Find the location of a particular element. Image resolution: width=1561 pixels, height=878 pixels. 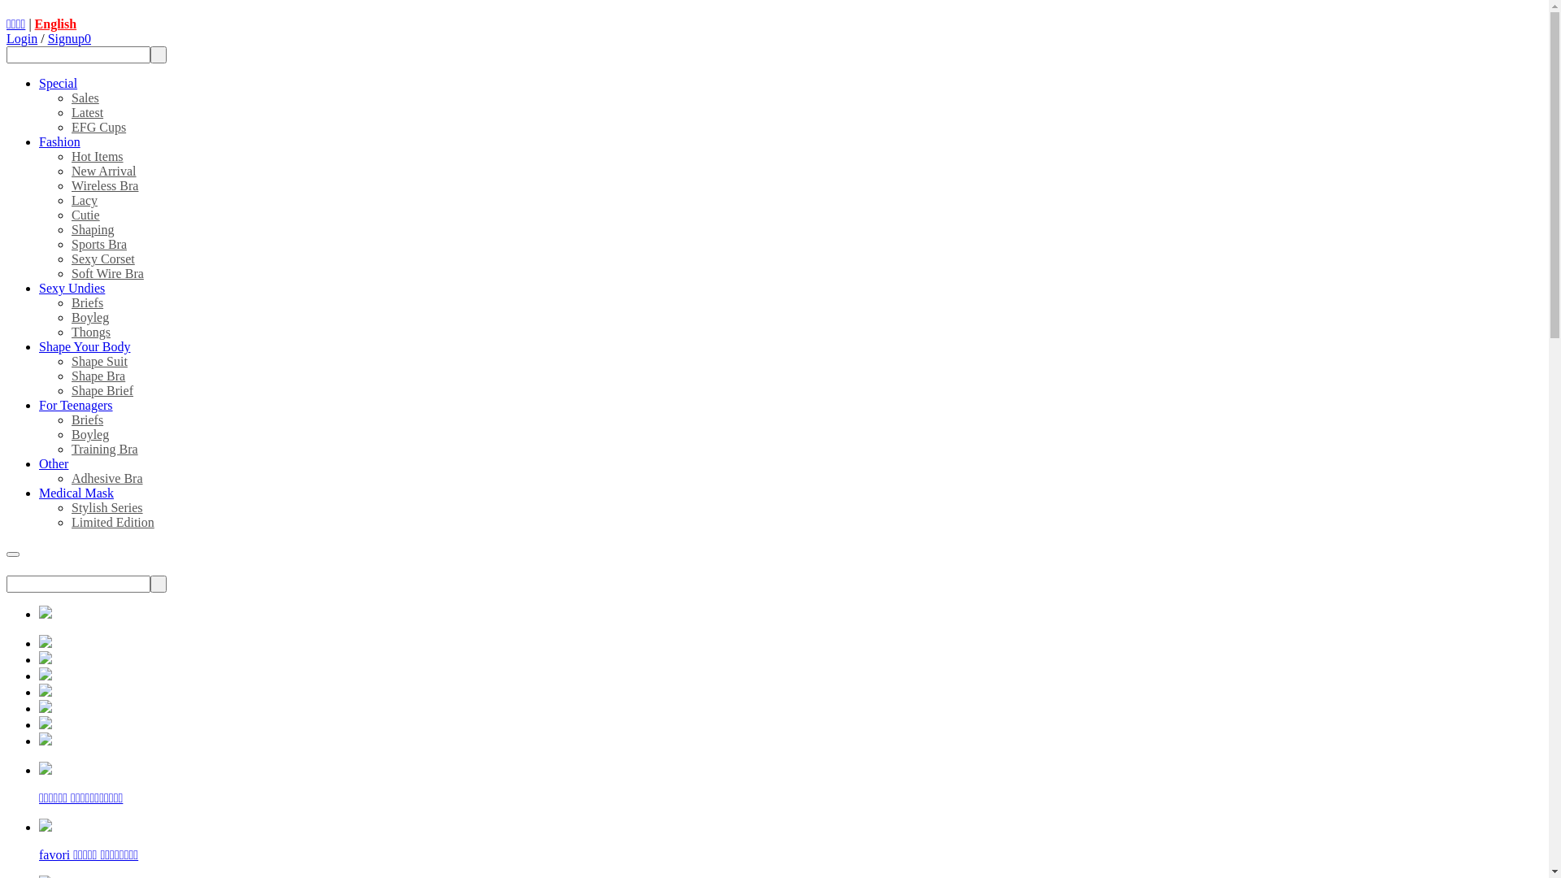

'Stylish Series' is located at coordinates (70, 506).